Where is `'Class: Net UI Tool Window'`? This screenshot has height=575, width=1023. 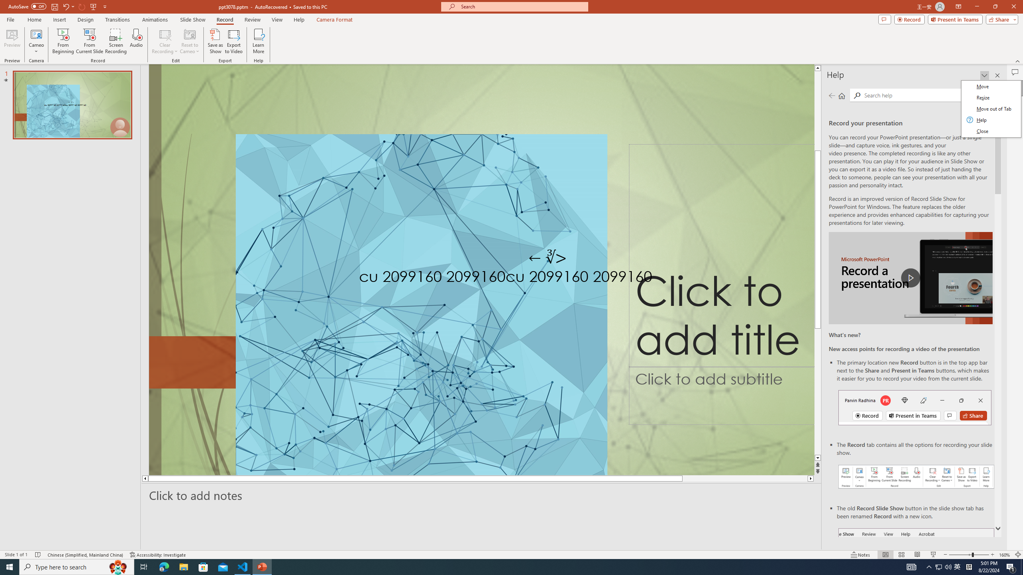 'Class: Net UI Tool Window' is located at coordinates (990, 109).